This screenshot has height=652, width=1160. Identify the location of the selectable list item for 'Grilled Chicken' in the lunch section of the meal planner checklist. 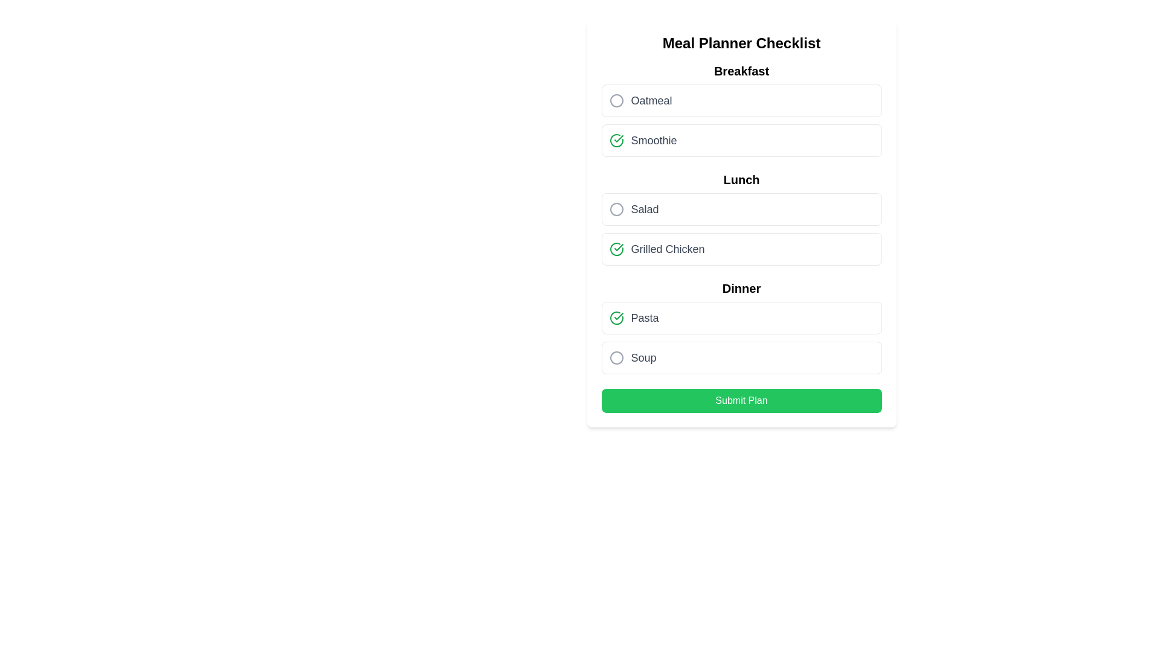
(741, 248).